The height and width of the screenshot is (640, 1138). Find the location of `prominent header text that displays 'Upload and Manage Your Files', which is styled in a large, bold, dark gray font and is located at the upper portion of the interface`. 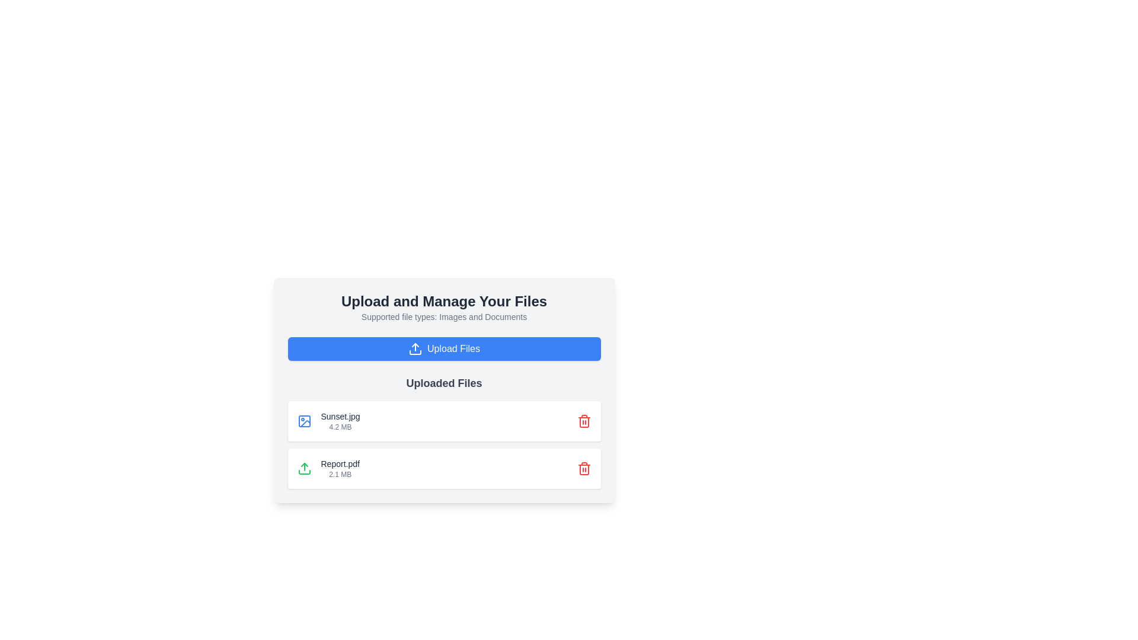

prominent header text that displays 'Upload and Manage Your Files', which is styled in a large, bold, dark gray font and is located at the upper portion of the interface is located at coordinates (443, 301).